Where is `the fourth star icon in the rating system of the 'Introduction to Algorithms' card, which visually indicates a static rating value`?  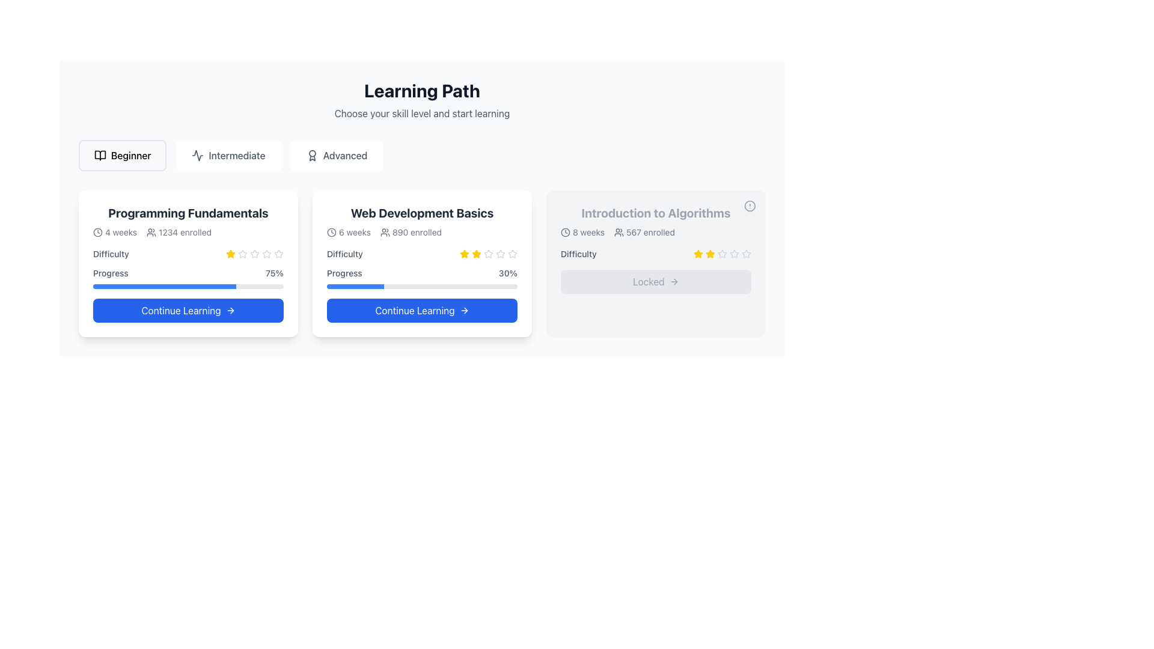
the fourth star icon in the rating system of the 'Introduction to Algorithms' card, which visually indicates a static rating value is located at coordinates (721, 253).